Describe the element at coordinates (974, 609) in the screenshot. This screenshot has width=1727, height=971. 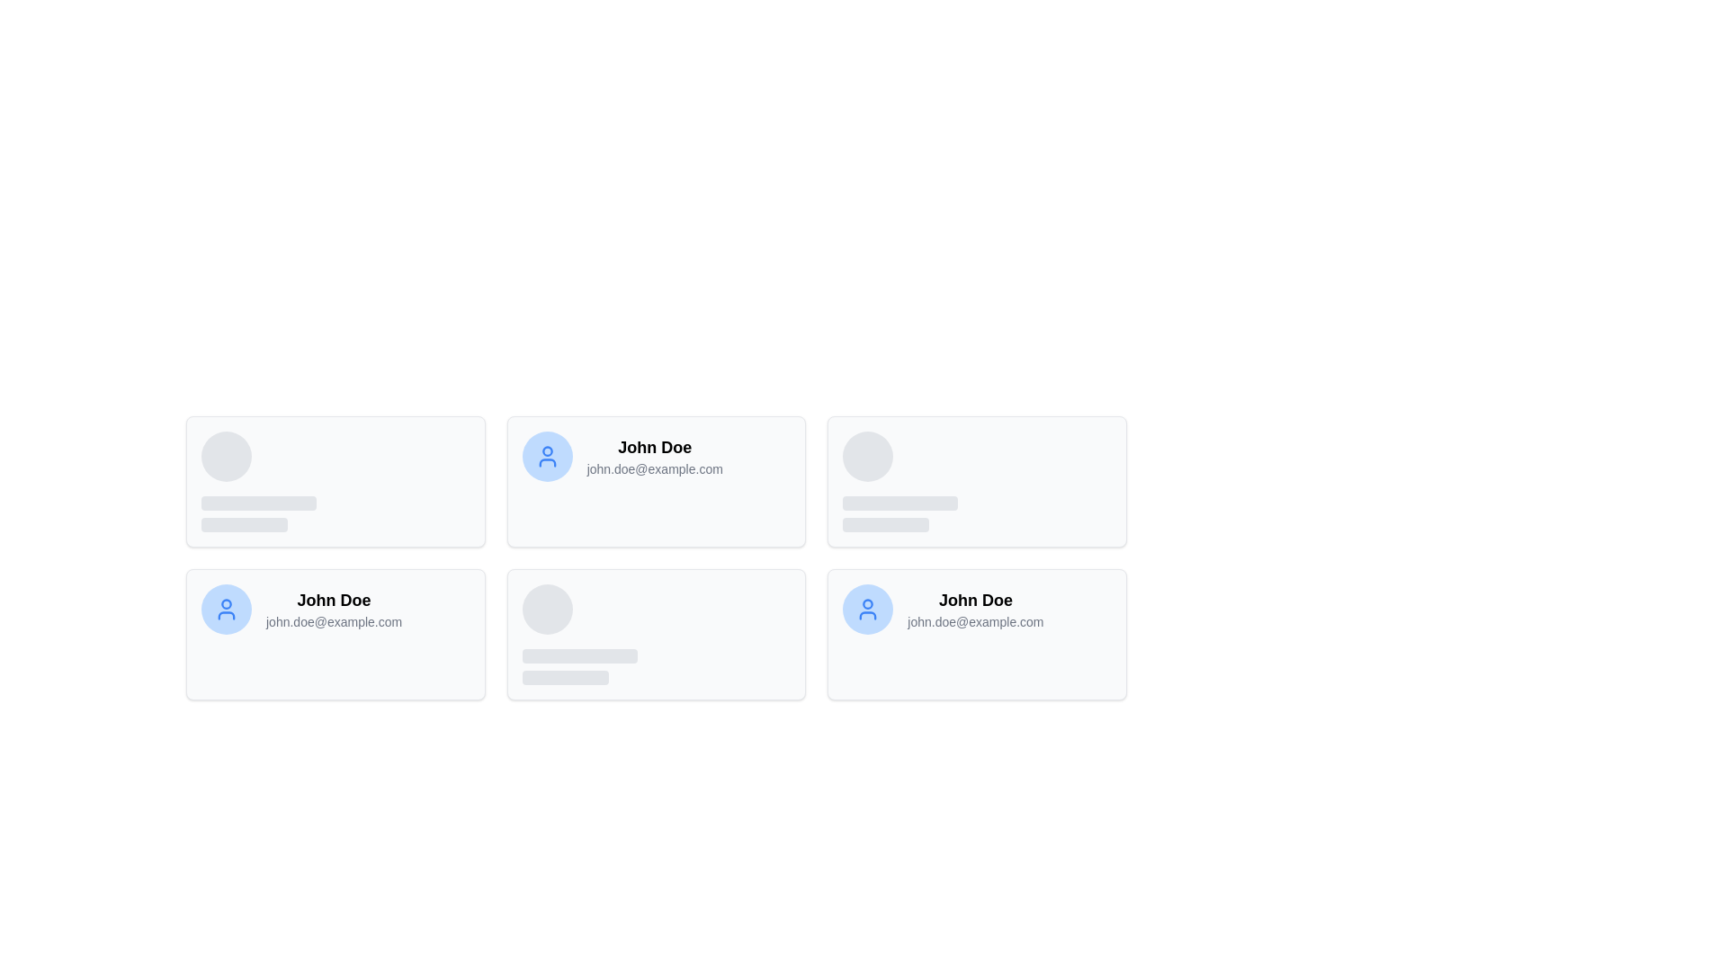
I see `the text component displaying the name 'John Doe' and email 'john.doe@example.com'` at that location.